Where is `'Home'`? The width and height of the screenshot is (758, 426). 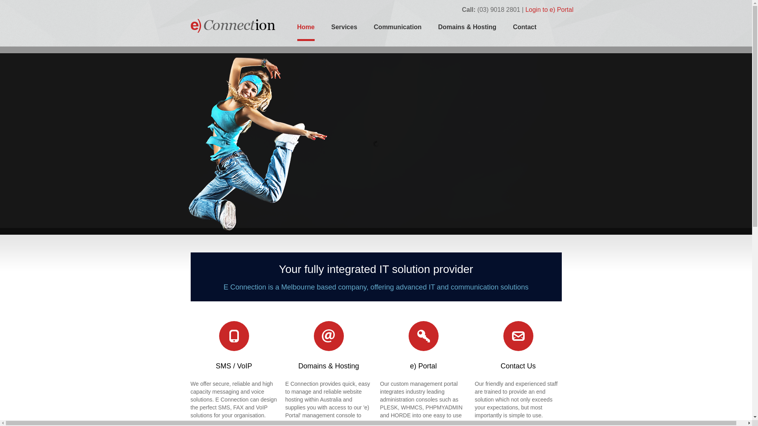 'Home' is located at coordinates (305, 32).